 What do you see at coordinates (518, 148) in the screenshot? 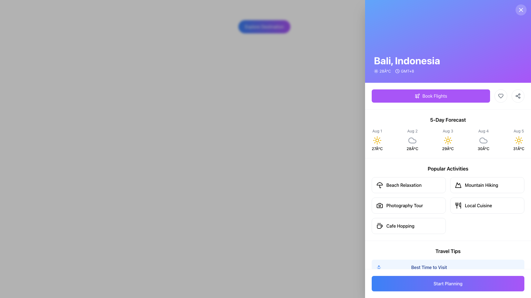
I see `the static text displaying '31°C' in the '5-Day Forecast' section under 'Aug 5', located on the far right of the horizontal list` at bounding box center [518, 148].